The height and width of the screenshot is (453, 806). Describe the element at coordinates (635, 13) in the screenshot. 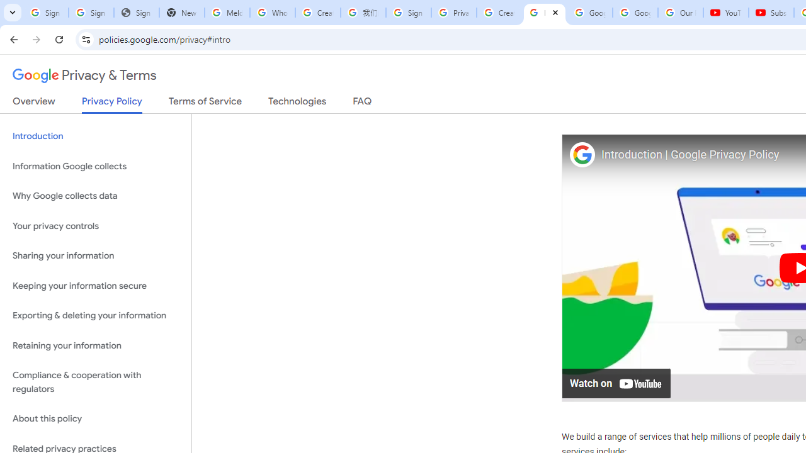

I see `'Google Account'` at that location.